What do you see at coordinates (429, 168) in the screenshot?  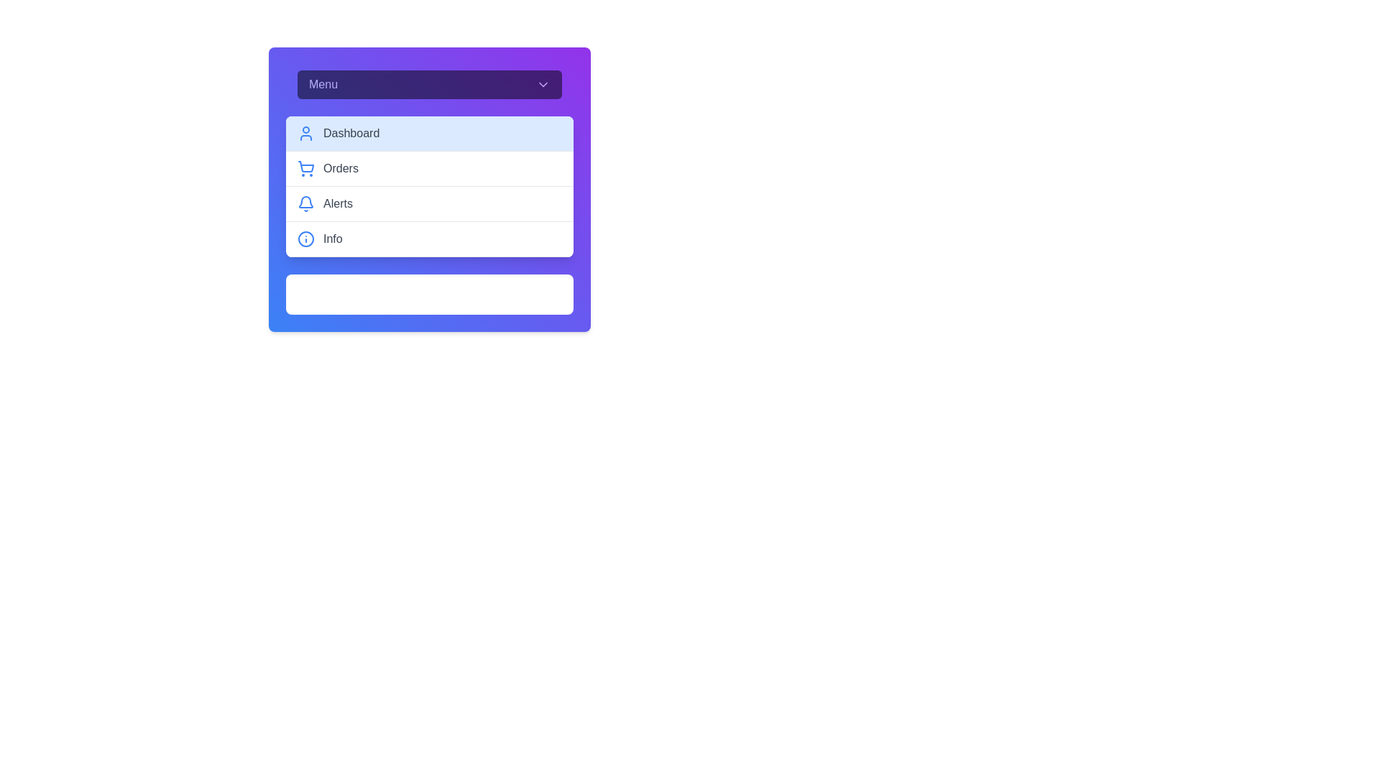 I see `the 'Orders' selectable menu item, which is the second item in a vertical menu` at bounding box center [429, 168].